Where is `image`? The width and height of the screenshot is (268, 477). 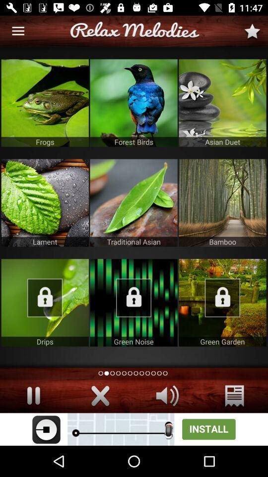 image is located at coordinates (222, 103).